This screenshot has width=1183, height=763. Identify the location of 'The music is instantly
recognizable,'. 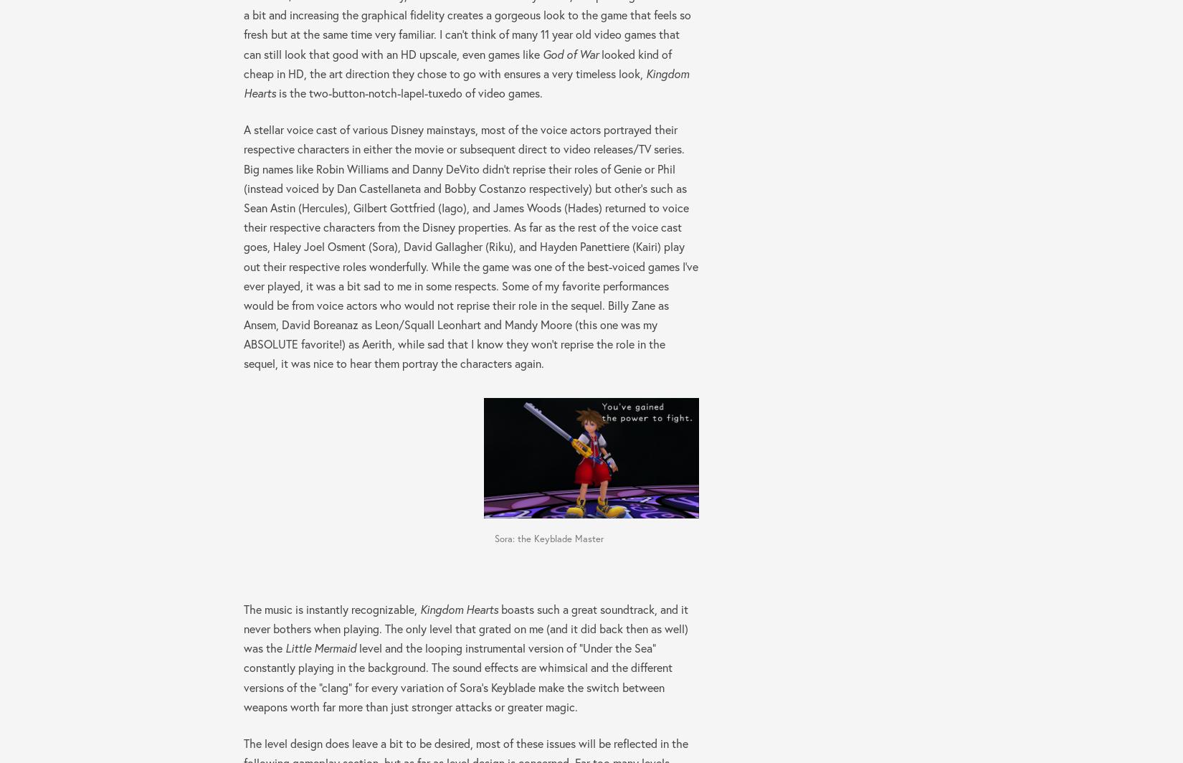
(244, 608).